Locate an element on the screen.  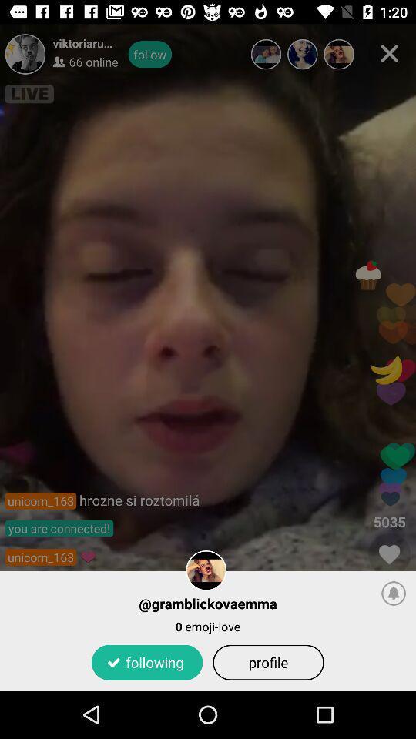
the profile item is located at coordinates (267, 661).